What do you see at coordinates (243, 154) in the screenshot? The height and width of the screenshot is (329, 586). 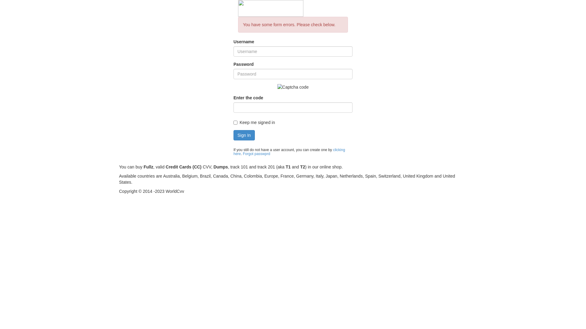 I see `'Forgot passwprd'` at bounding box center [243, 154].